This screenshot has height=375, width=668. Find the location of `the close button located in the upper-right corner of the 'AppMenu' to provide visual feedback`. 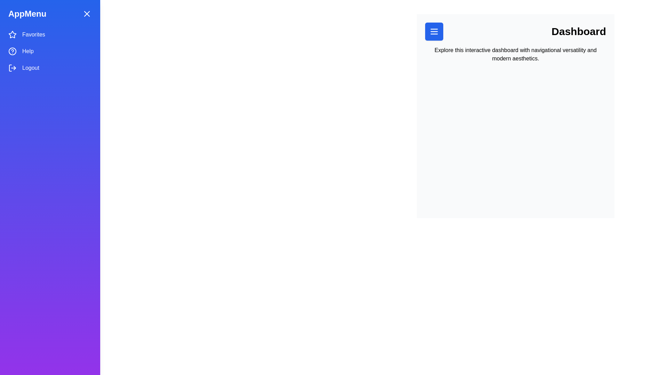

the close button located in the upper-right corner of the 'AppMenu' to provide visual feedback is located at coordinates (86, 14).